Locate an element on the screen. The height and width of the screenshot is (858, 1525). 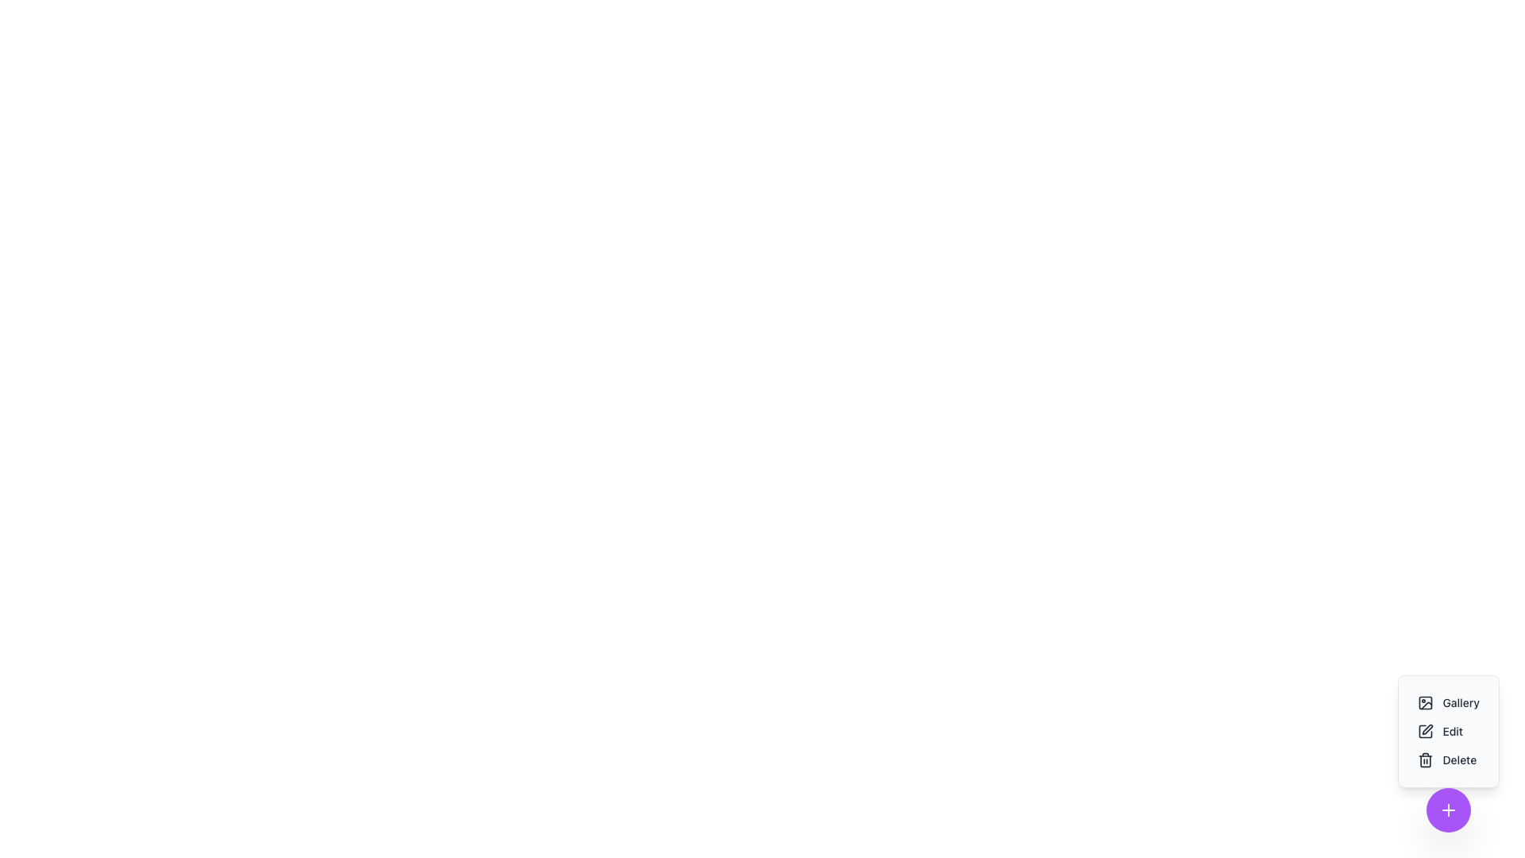
the rectangle with rounded corners that serves as a visual component within the icon-based menu, located at the top-left corner of the SVG image icon is located at coordinates (1425, 701).